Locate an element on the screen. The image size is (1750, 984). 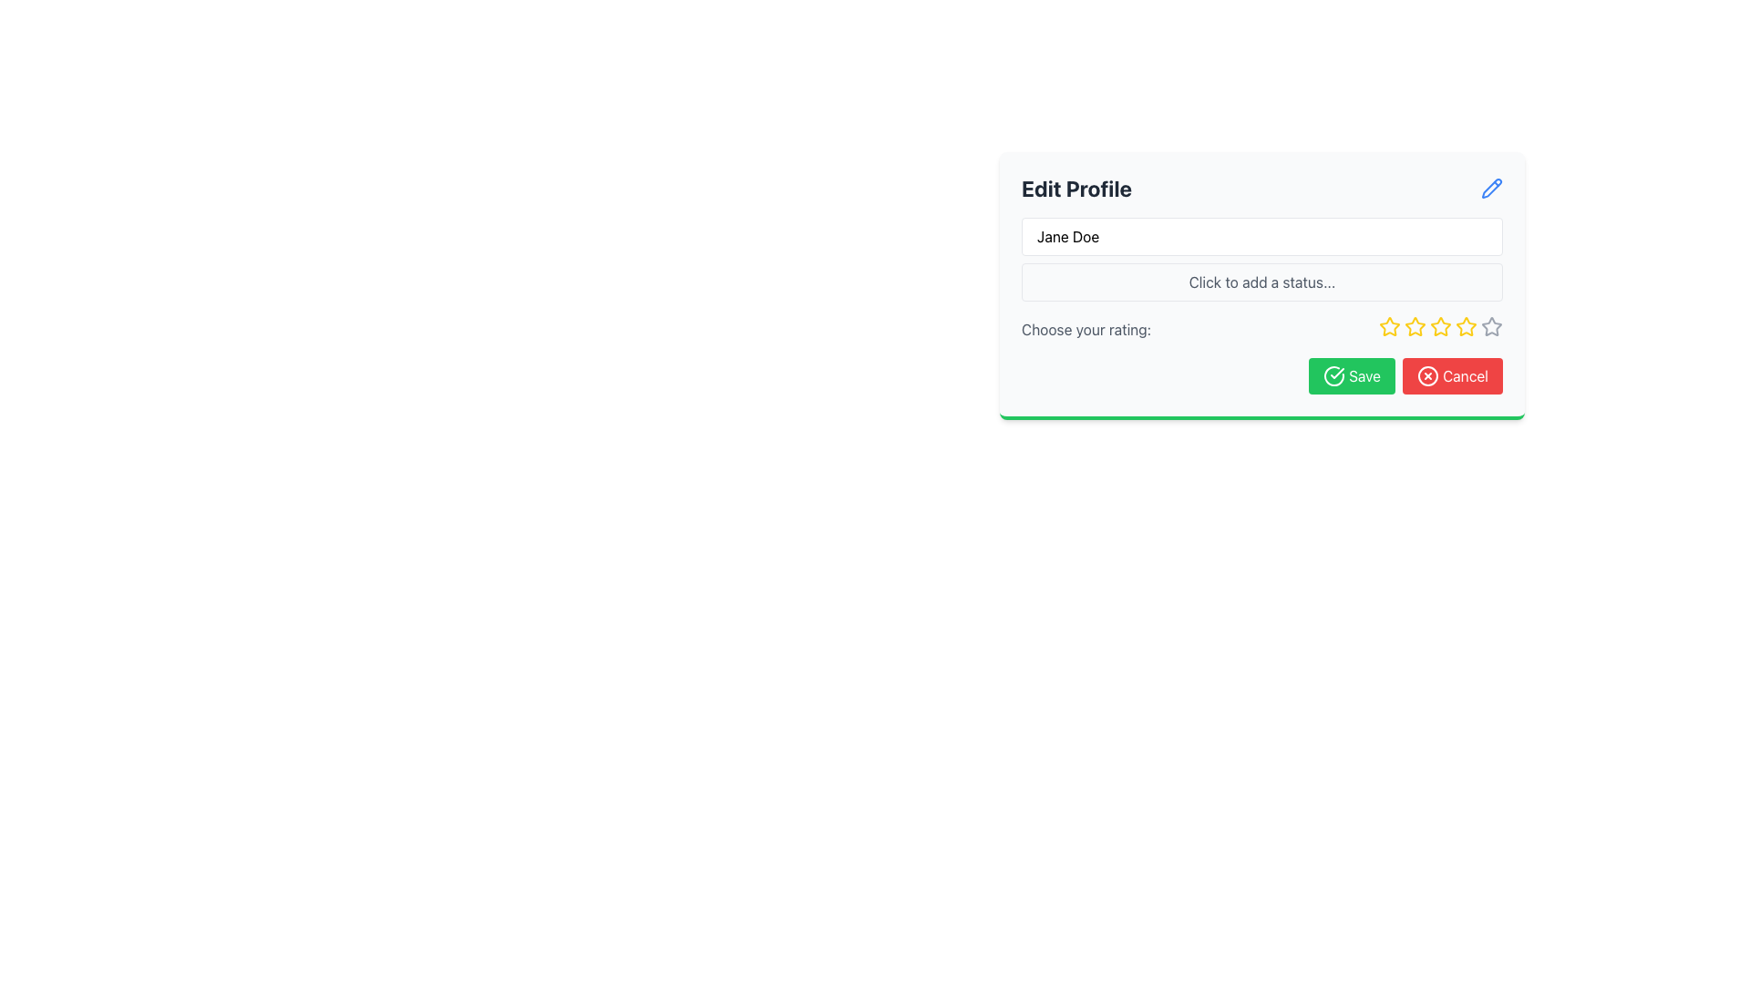
the second star-shaped icon with a yellow outline in the five-star rating system below the 'Click is located at coordinates (1413, 325).